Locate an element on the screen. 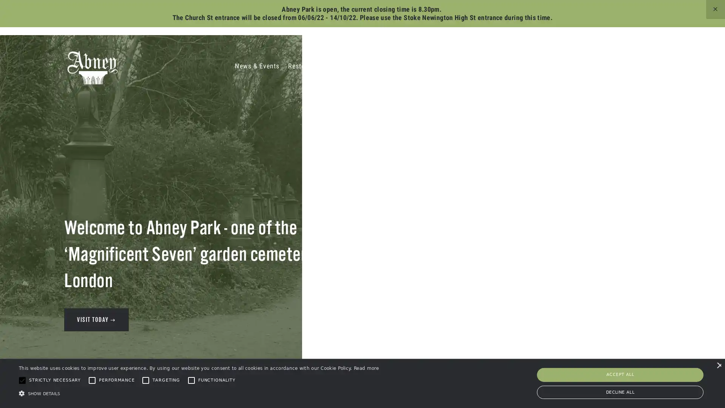  SHOW DETAILS is located at coordinates (199, 393).